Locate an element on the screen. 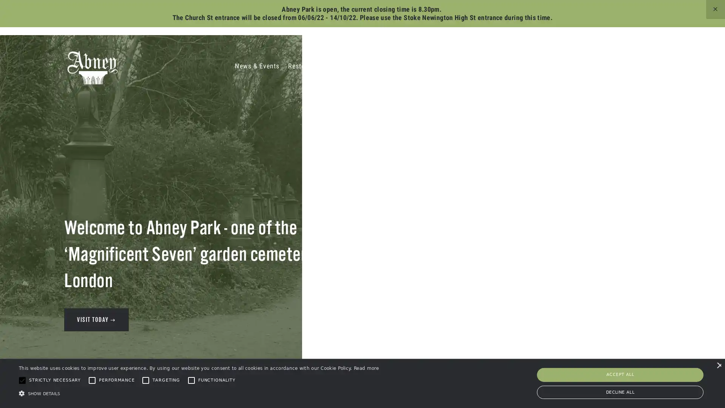  SHOW DETAILS is located at coordinates (199, 393).